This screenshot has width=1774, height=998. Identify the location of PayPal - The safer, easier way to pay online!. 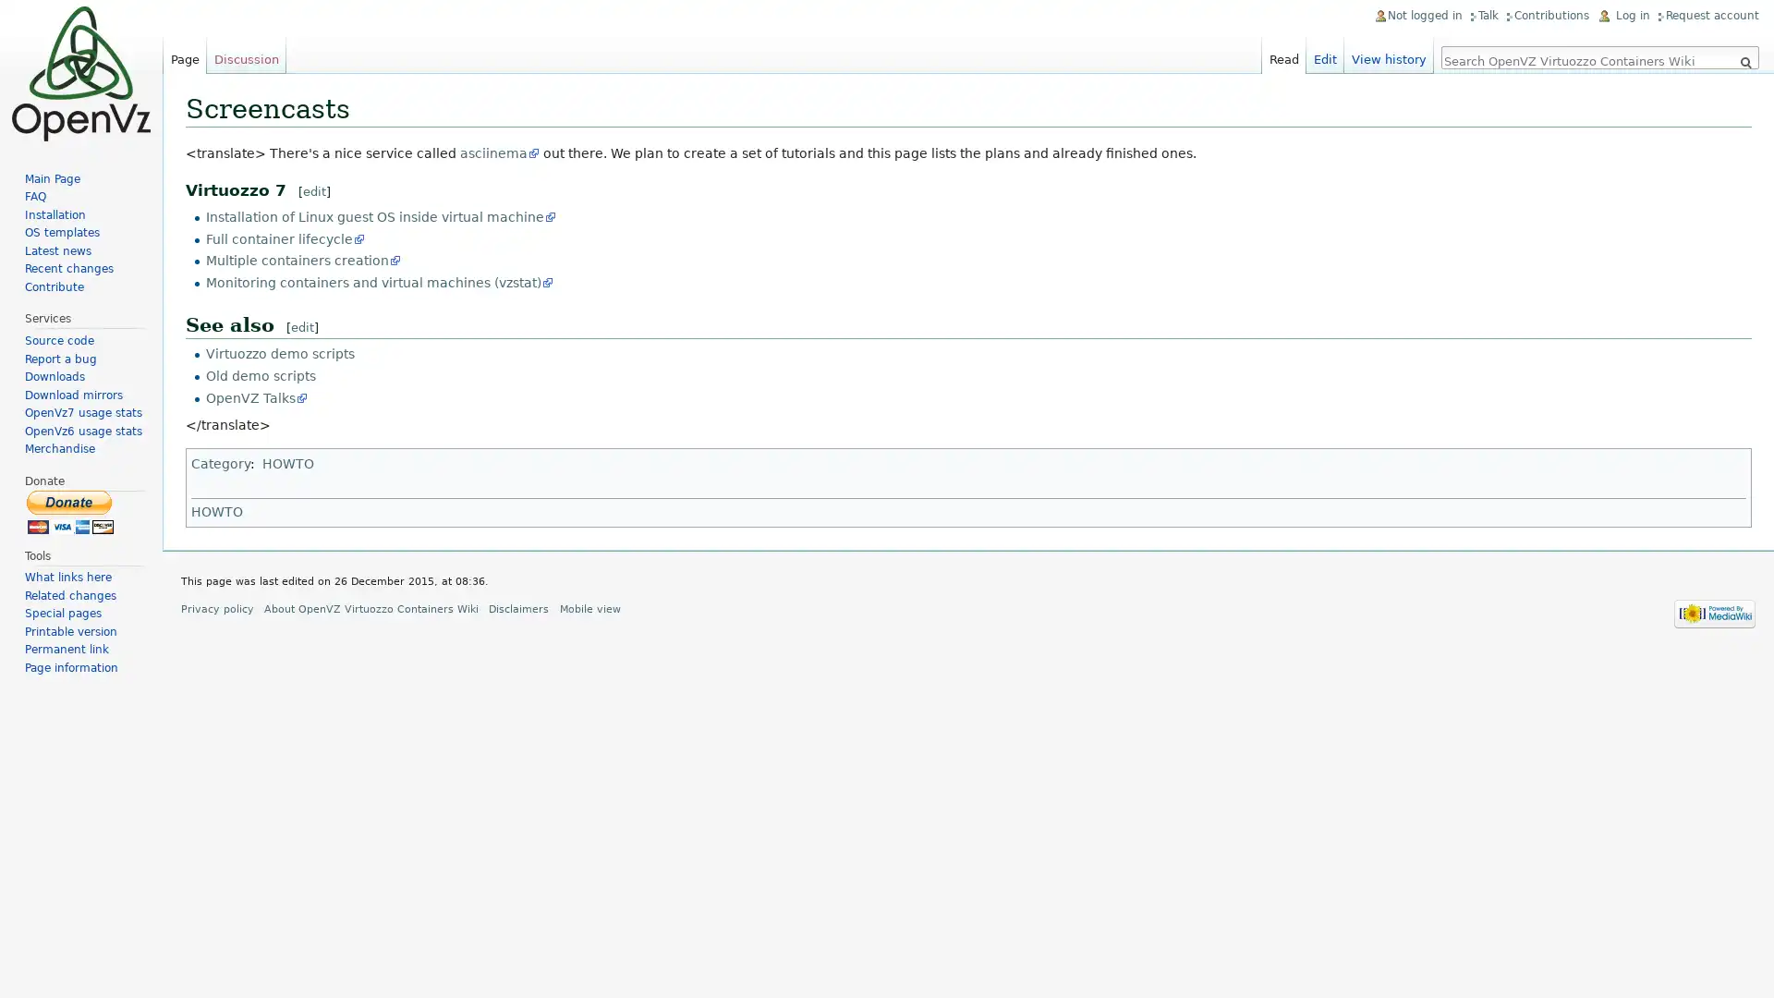
(70, 511).